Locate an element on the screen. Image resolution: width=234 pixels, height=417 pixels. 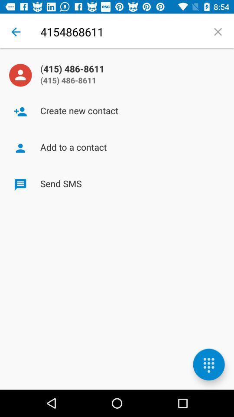
close icon on the right corner of the screen is located at coordinates (218, 32).